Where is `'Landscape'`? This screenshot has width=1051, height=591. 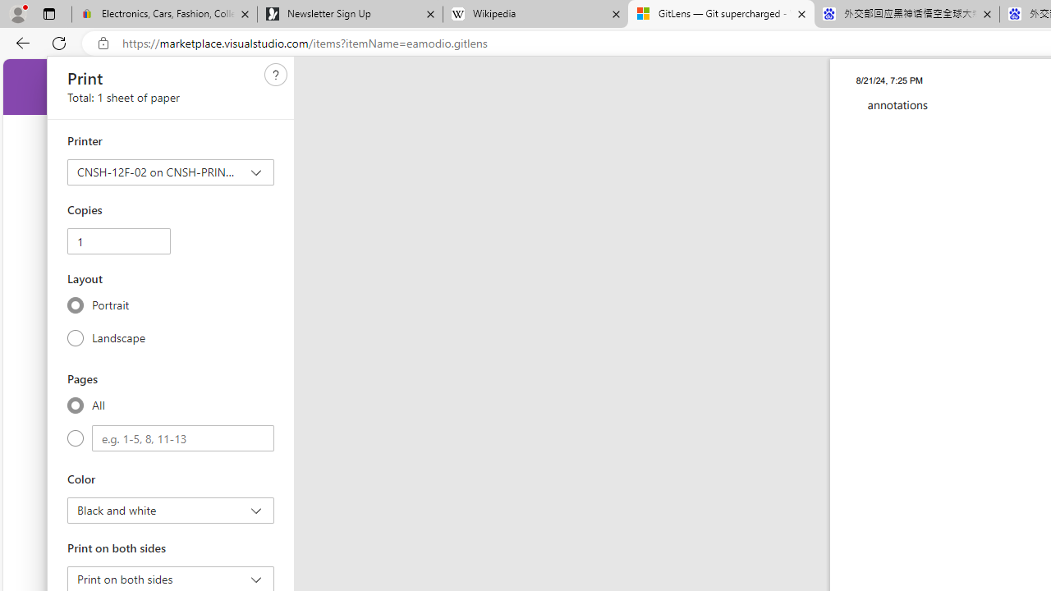 'Landscape' is located at coordinates (75, 337).